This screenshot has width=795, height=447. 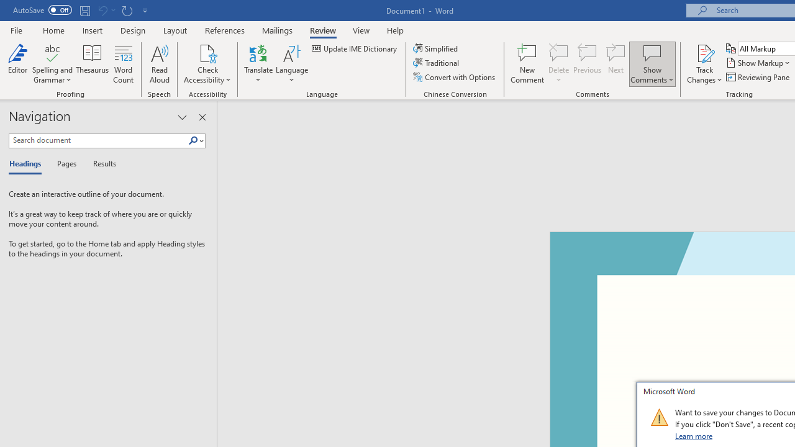 What do you see at coordinates (355, 48) in the screenshot?
I see `'Update IME Dictionary...'` at bounding box center [355, 48].